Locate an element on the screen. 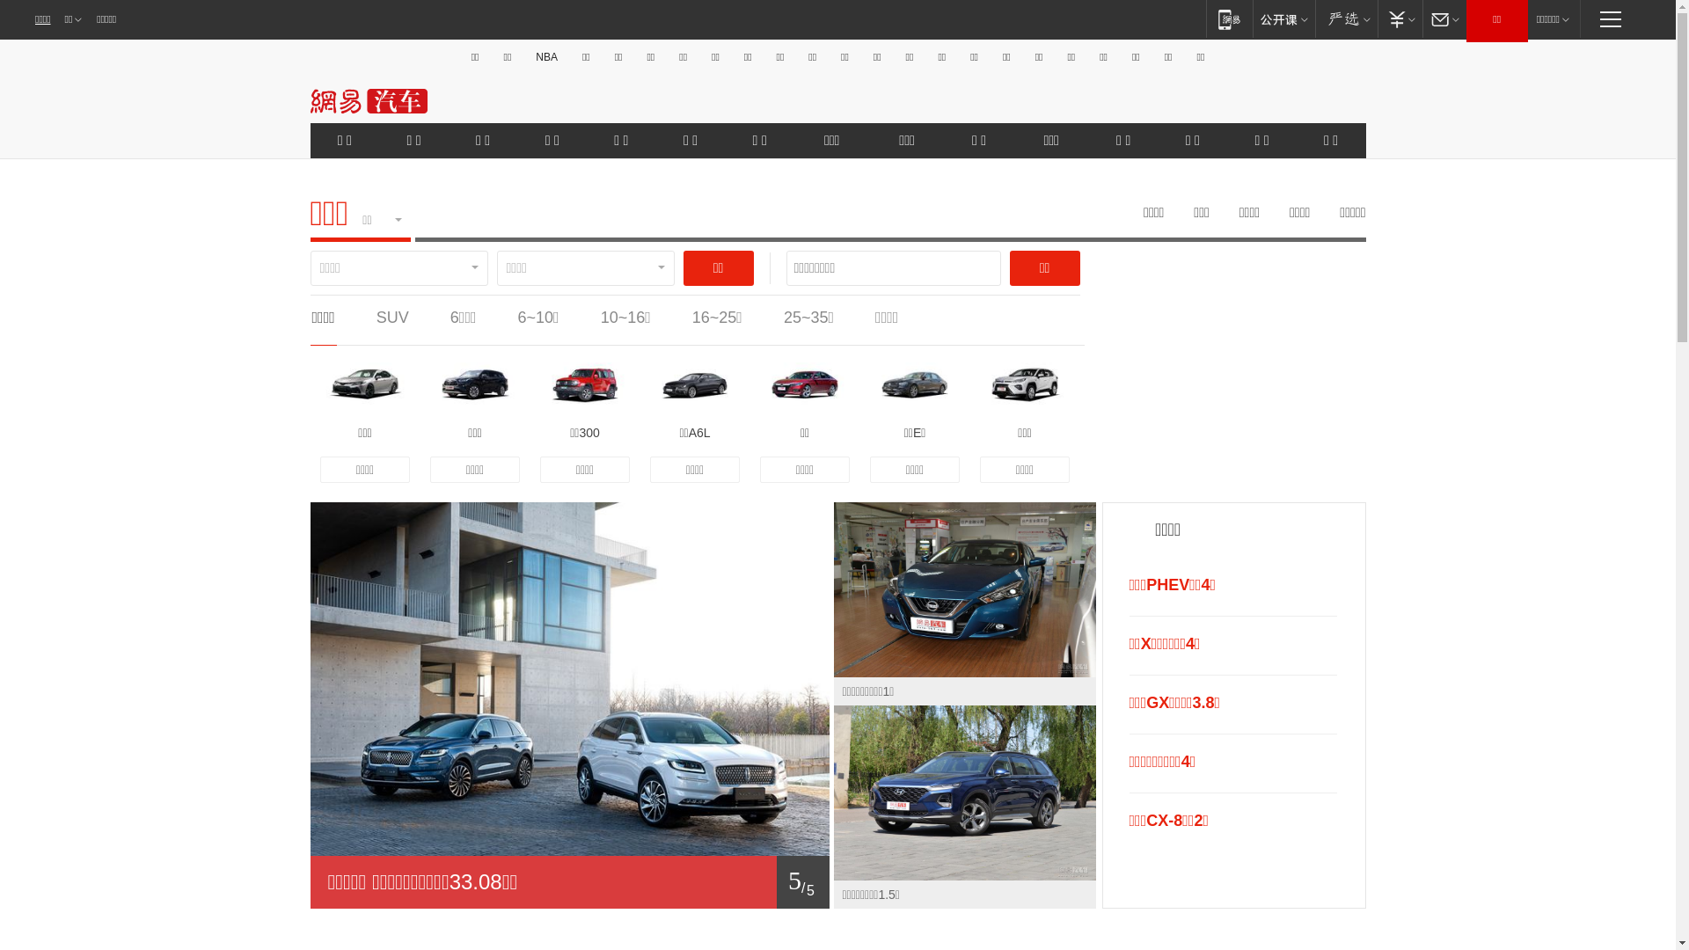 The height and width of the screenshot is (950, 1689). 'NBA' is located at coordinates (545, 56).